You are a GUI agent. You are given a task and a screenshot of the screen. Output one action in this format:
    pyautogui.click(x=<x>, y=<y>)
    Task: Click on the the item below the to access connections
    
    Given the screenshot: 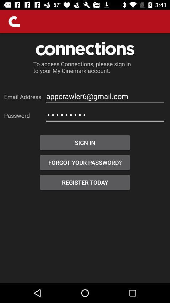 What is the action you would take?
    pyautogui.click(x=105, y=96)
    